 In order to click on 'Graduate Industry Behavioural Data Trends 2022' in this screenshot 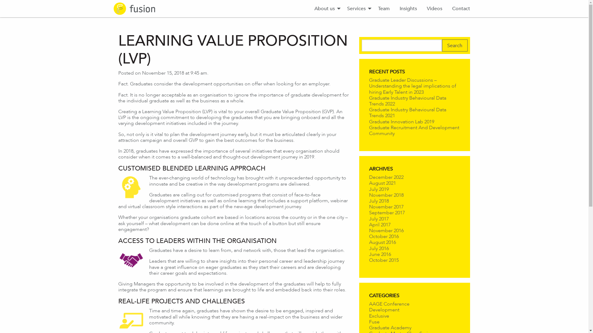, I will do `click(407, 101)`.